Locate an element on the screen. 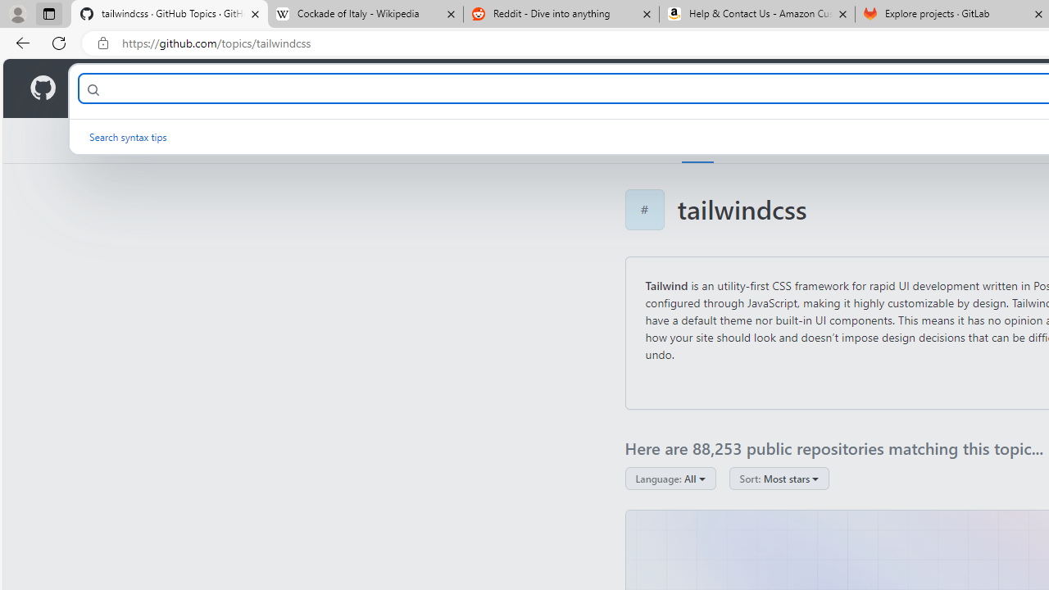 Image resolution: width=1049 pixels, height=590 pixels. 'Cockade of Italy - Wikipedia' is located at coordinates (364, 14).